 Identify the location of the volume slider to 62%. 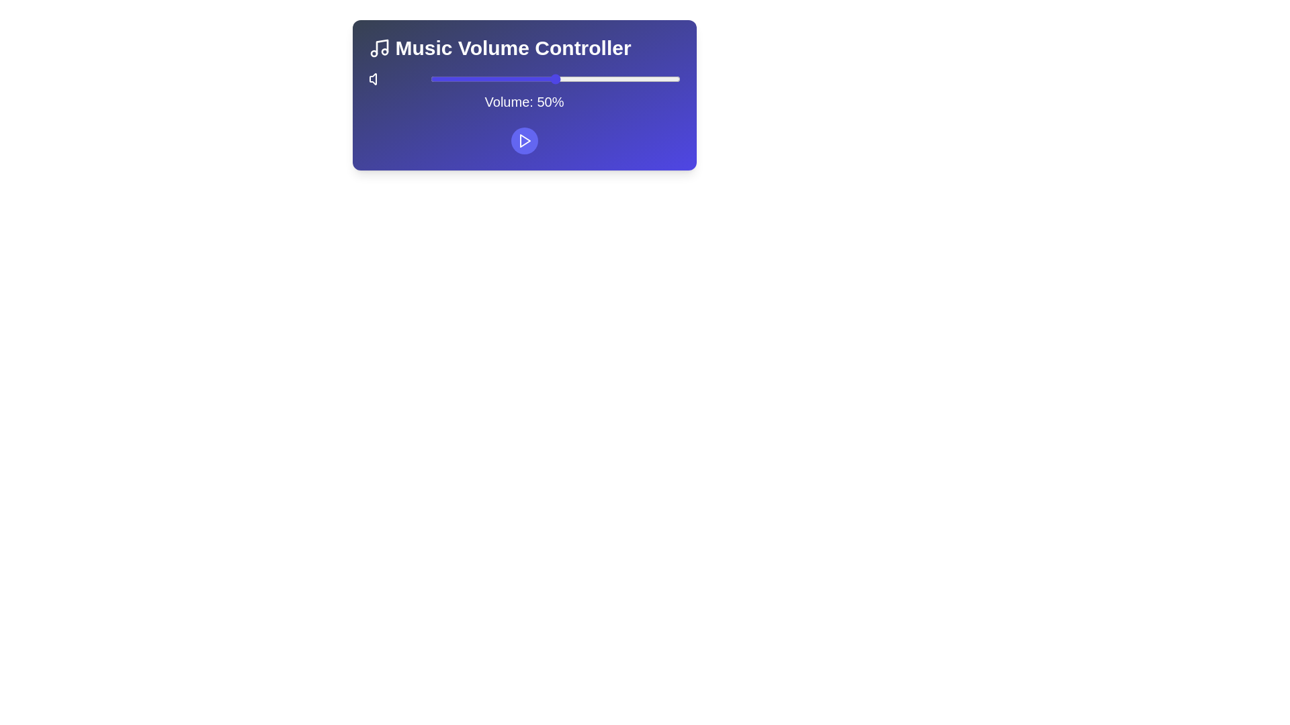
(585, 79).